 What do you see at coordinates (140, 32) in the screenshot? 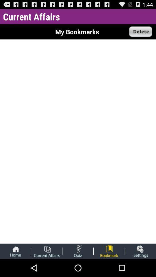
I see `item at the top right corner` at bounding box center [140, 32].